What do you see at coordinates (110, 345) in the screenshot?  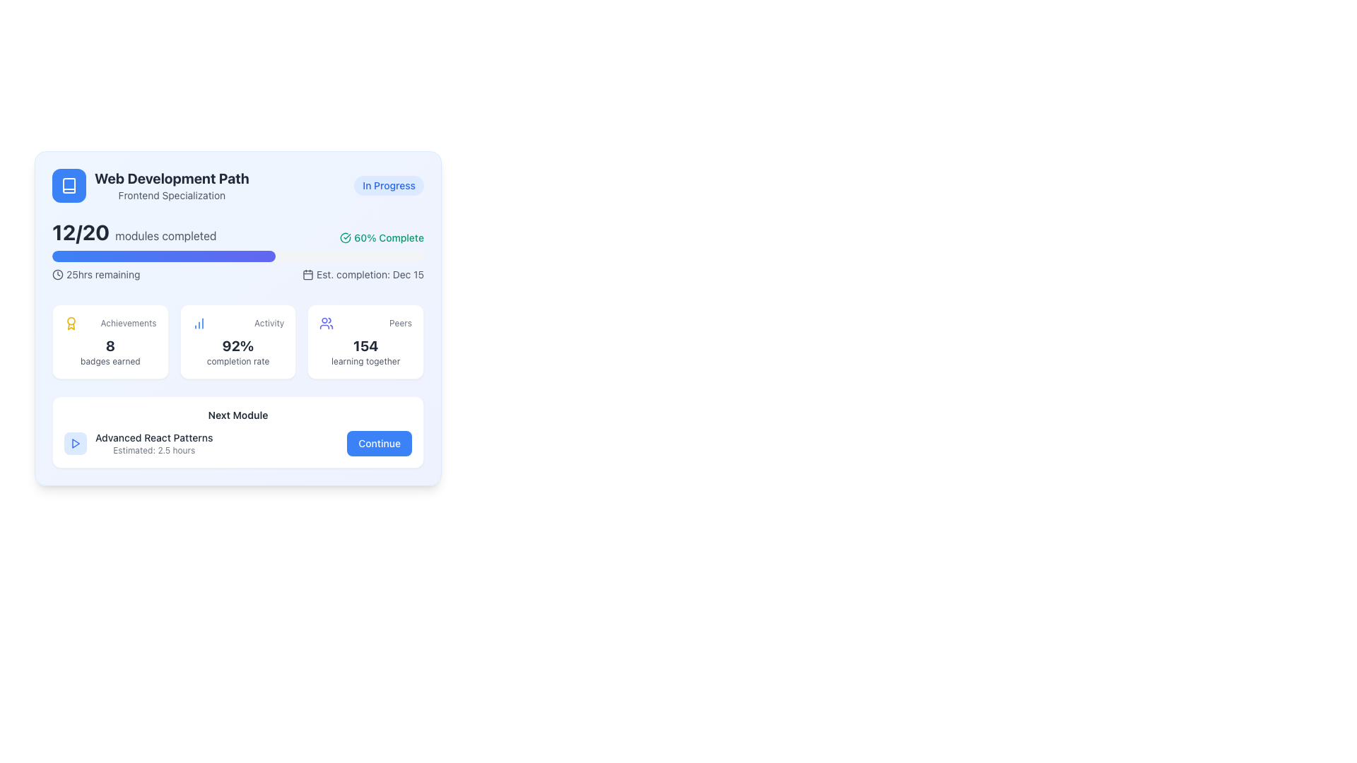 I see `value displayed in the bold numeral '8' within the white card layout under the 'Achievements' heading` at bounding box center [110, 345].